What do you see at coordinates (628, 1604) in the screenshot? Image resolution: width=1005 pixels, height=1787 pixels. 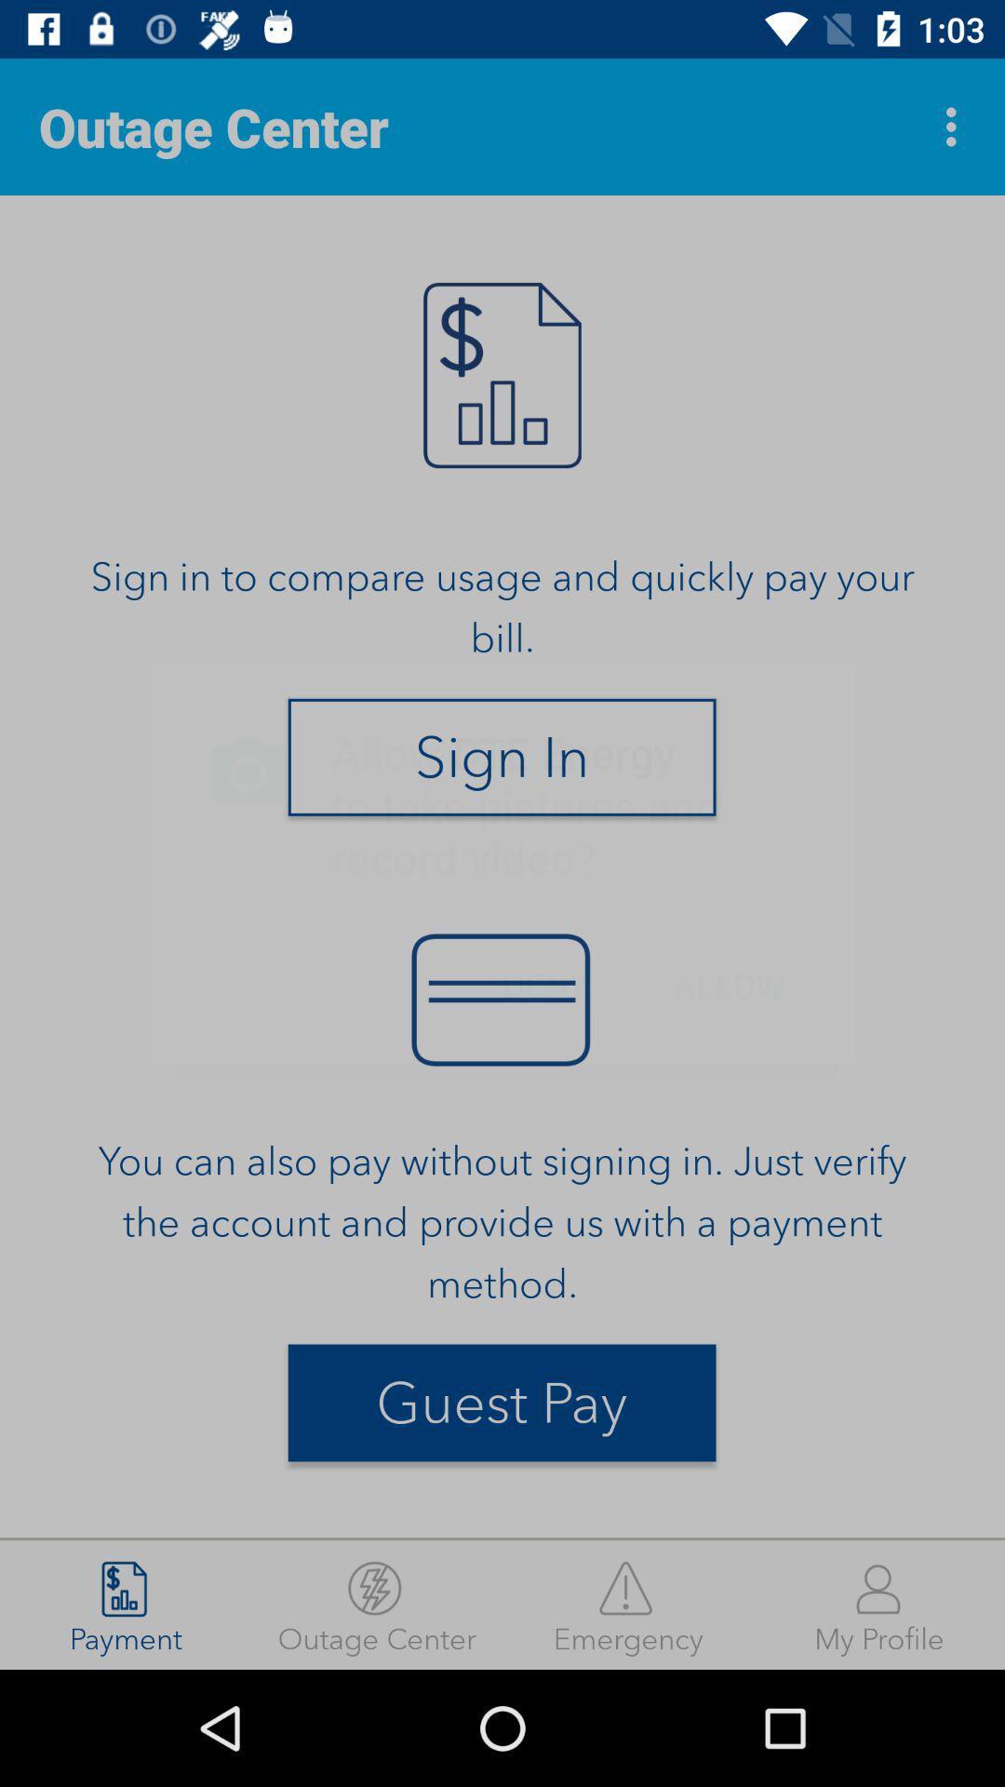 I see `emergency` at bounding box center [628, 1604].